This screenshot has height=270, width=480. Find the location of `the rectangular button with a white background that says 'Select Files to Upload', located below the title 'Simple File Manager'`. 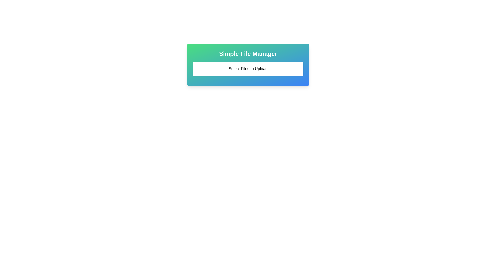

the rectangular button with a white background that says 'Select Files to Upload', located below the title 'Simple File Manager' is located at coordinates (248, 69).